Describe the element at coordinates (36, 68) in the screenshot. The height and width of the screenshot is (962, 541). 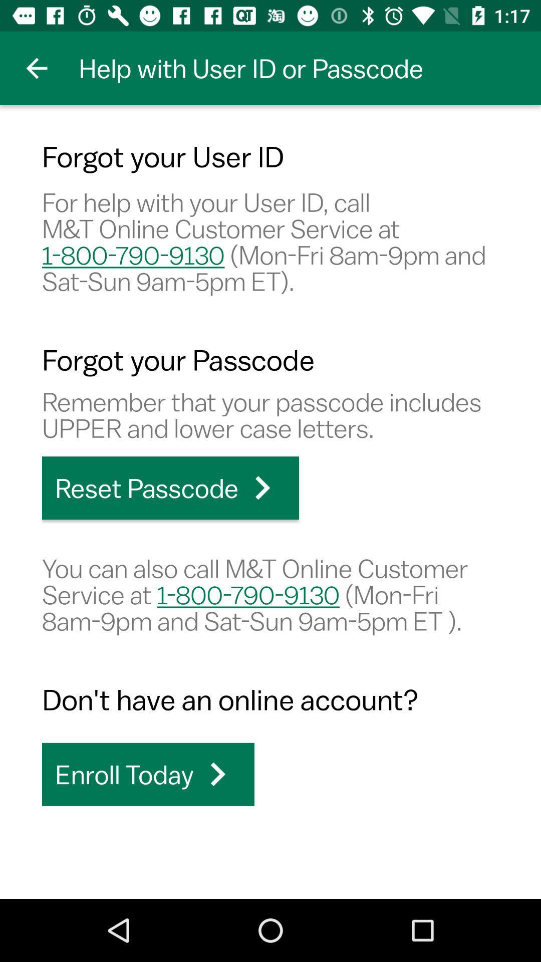
I see `item next to help with user item` at that location.